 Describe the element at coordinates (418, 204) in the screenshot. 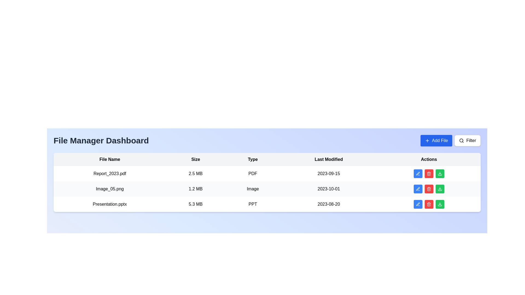

I see `the blue button with a rounded corner and a white pen icon located in the 'Actions' column of the last row of the table` at that location.